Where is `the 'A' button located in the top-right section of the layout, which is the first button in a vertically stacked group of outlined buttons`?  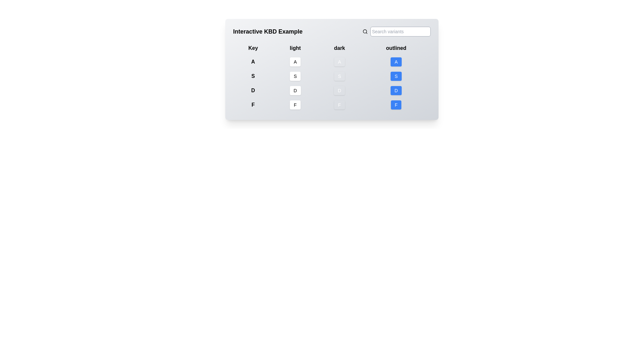
the 'A' button located in the top-right section of the layout, which is the first button in a vertically stacked group of outlined buttons is located at coordinates (396, 62).